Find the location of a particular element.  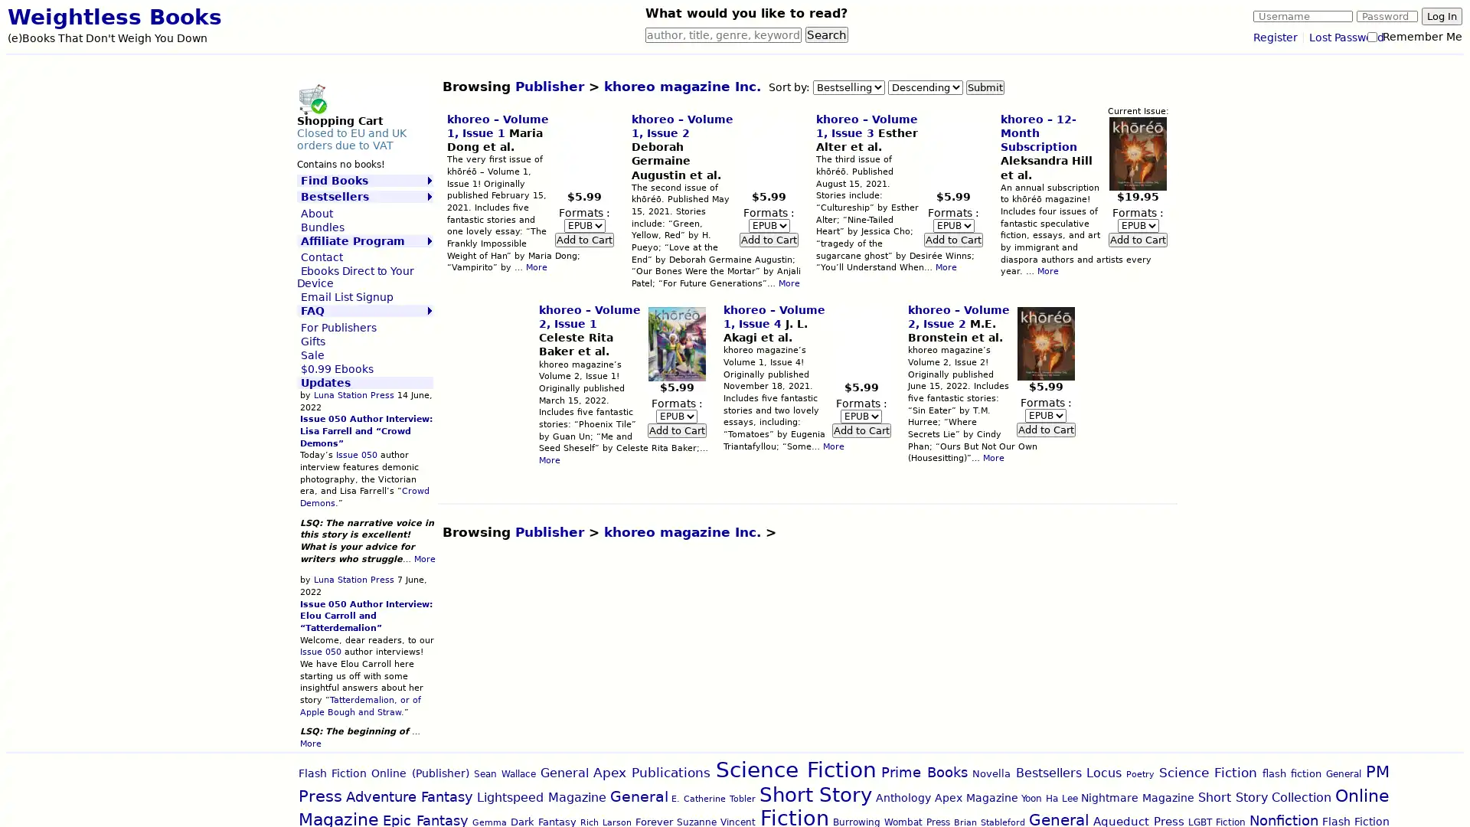

Shopping Cart is located at coordinates (311, 98).